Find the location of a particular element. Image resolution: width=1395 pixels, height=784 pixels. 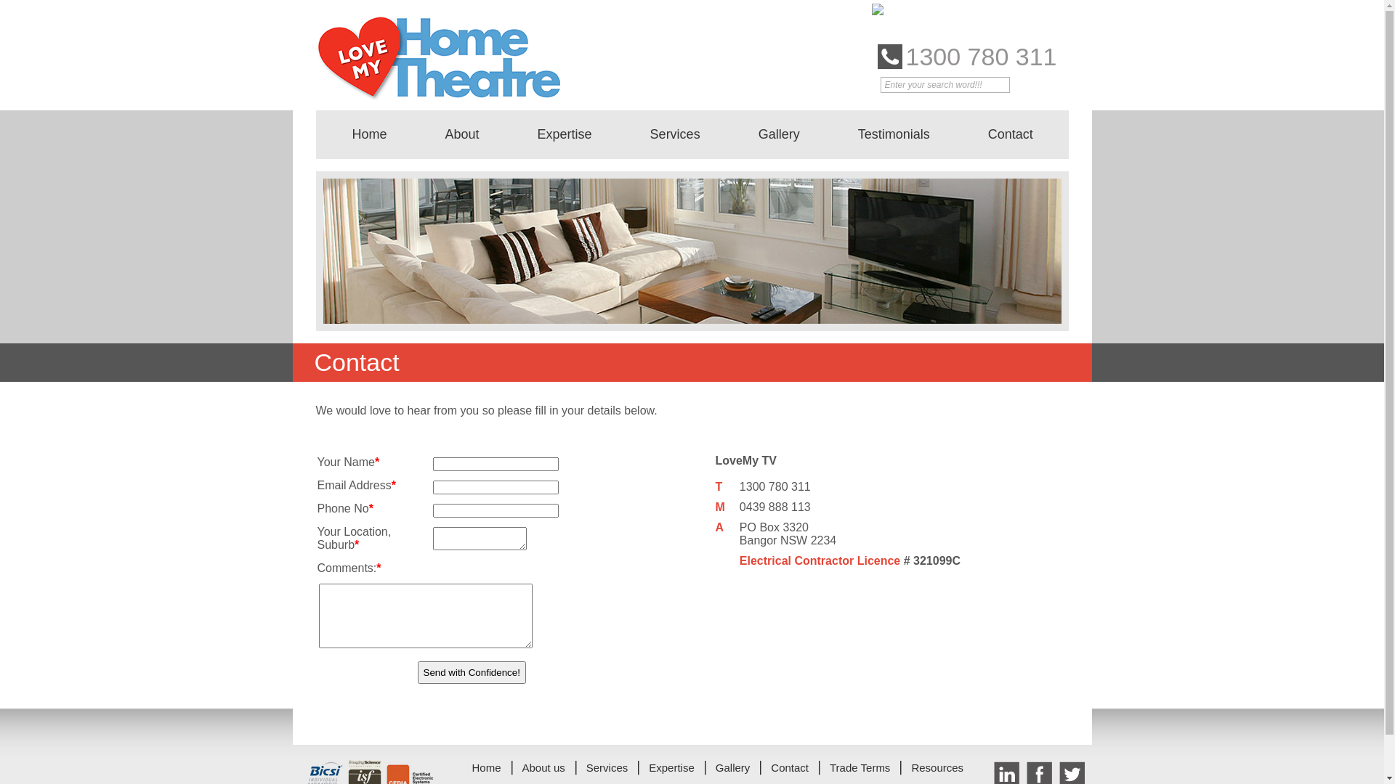

'About' is located at coordinates (461, 134).